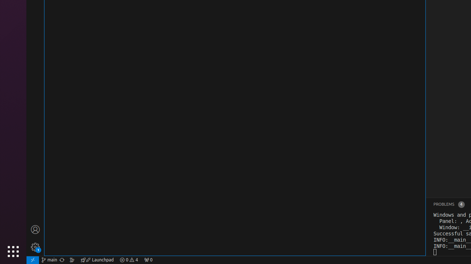  I want to click on 'Warnings: 4', so click(129, 259).